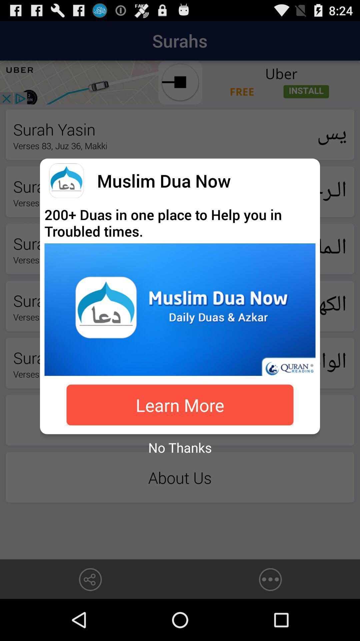  What do you see at coordinates (180, 309) in the screenshot?
I see `the app above the learn more icon` at bounding box center [180, 309].